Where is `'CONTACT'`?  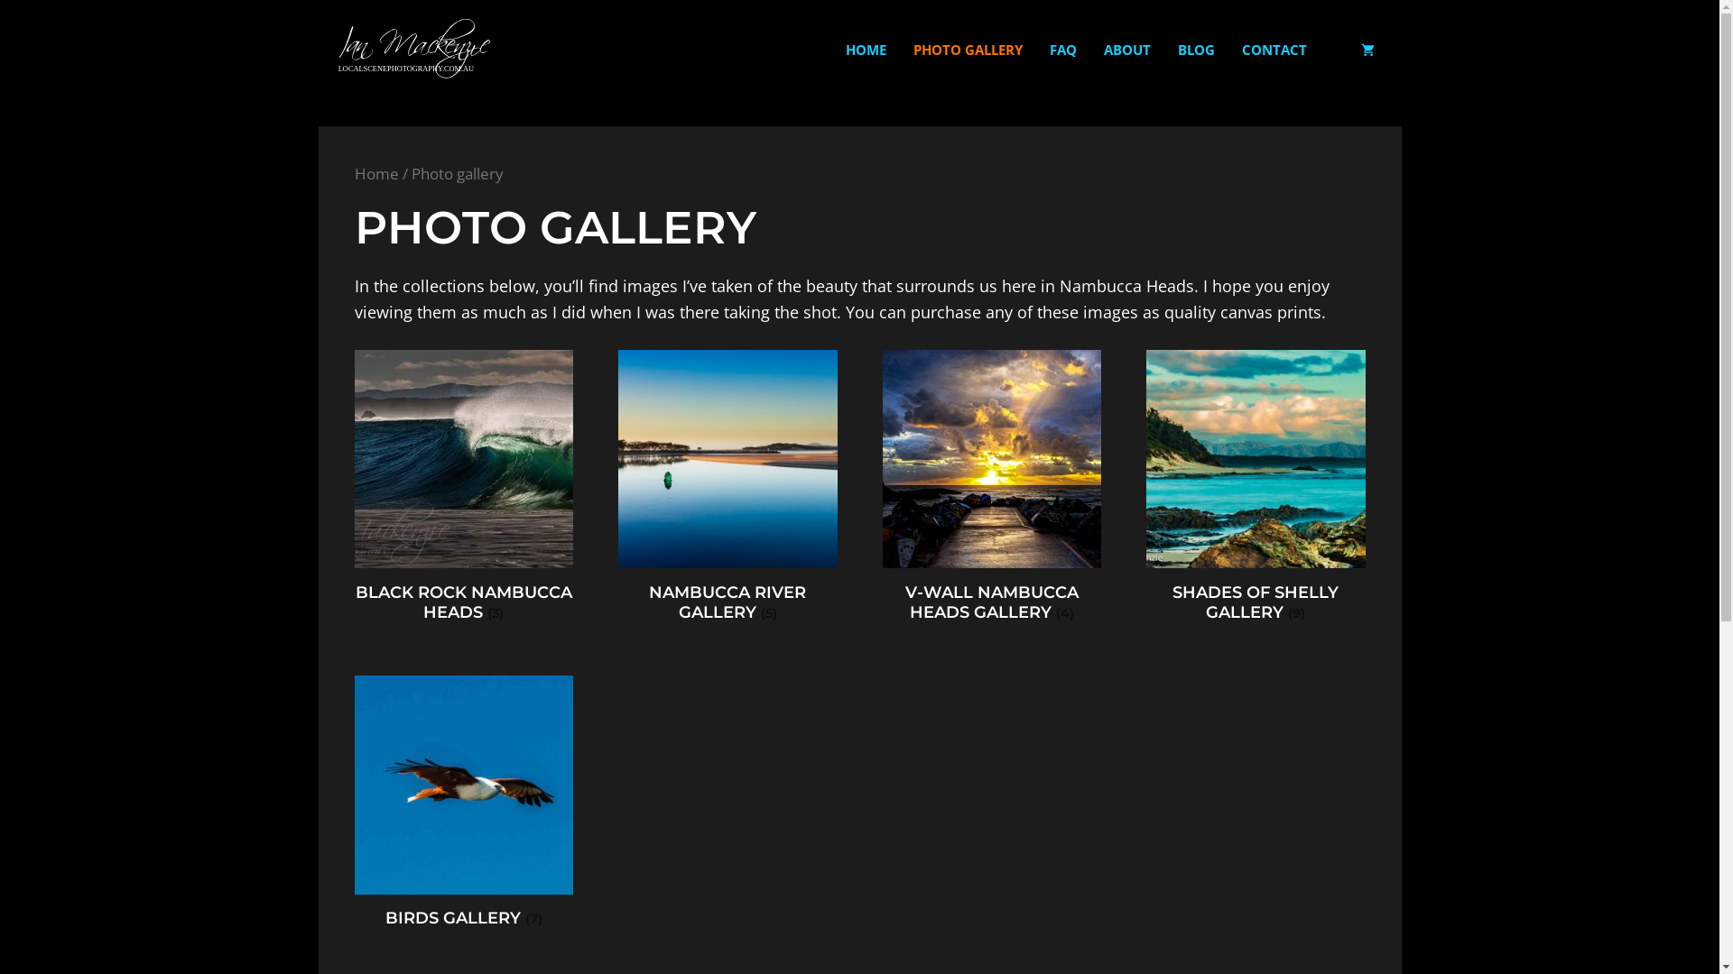
'CONTACT' is located at coordinates (1227, 48).